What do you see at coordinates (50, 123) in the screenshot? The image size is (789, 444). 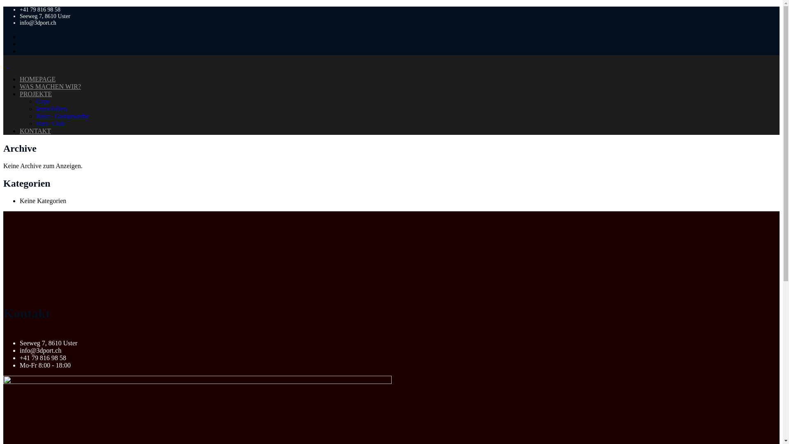 I see `'Bars- Club'` at bounding box center [50, 123].